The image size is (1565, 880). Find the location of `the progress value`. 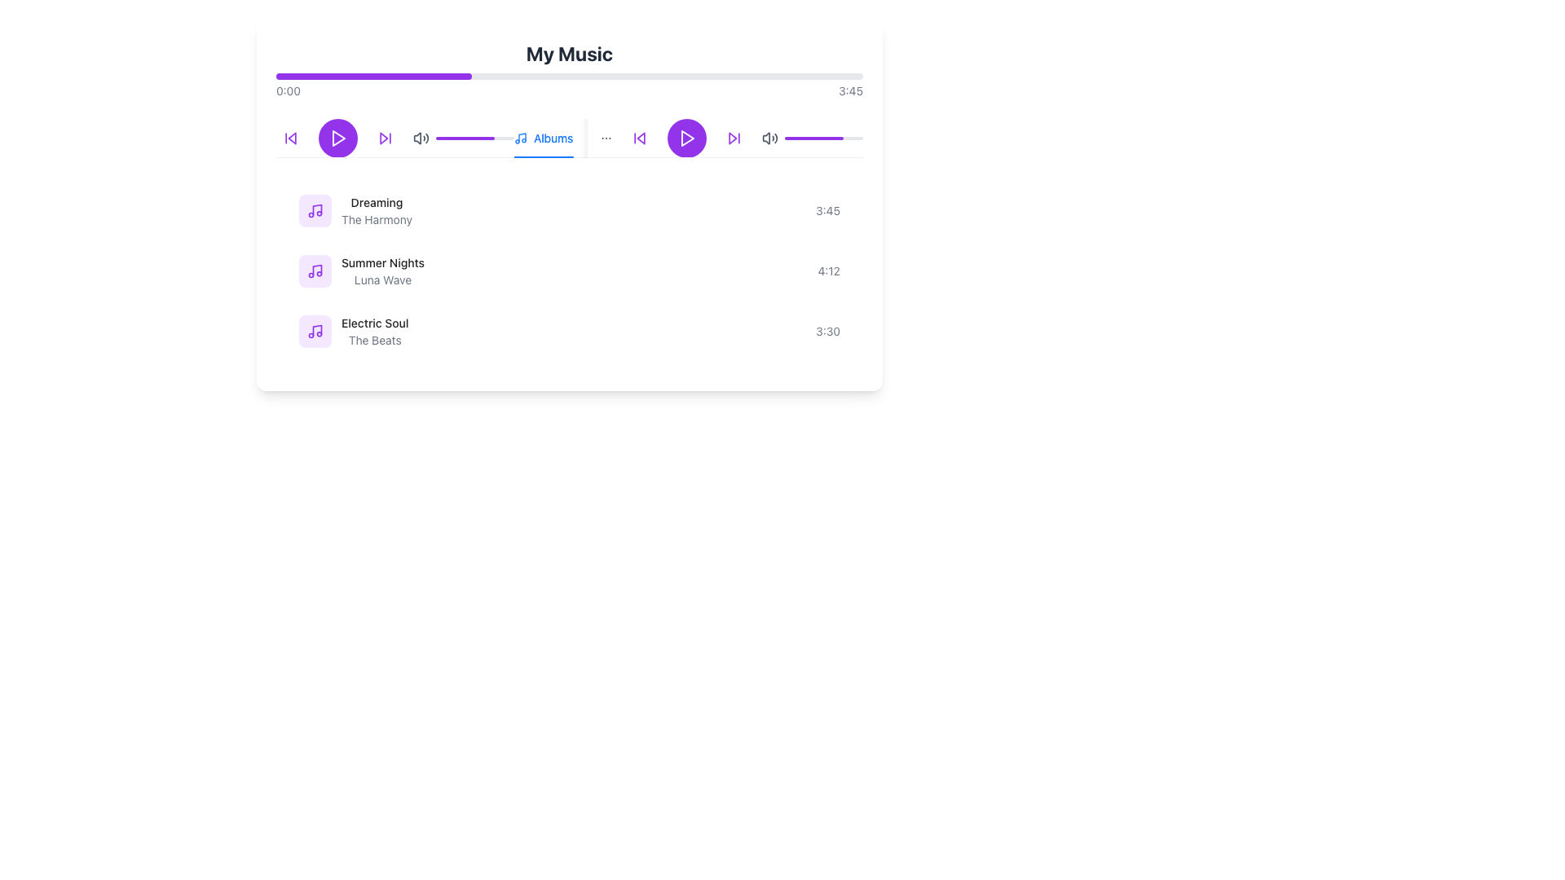

the progress value is located at coordinates (474, 137).